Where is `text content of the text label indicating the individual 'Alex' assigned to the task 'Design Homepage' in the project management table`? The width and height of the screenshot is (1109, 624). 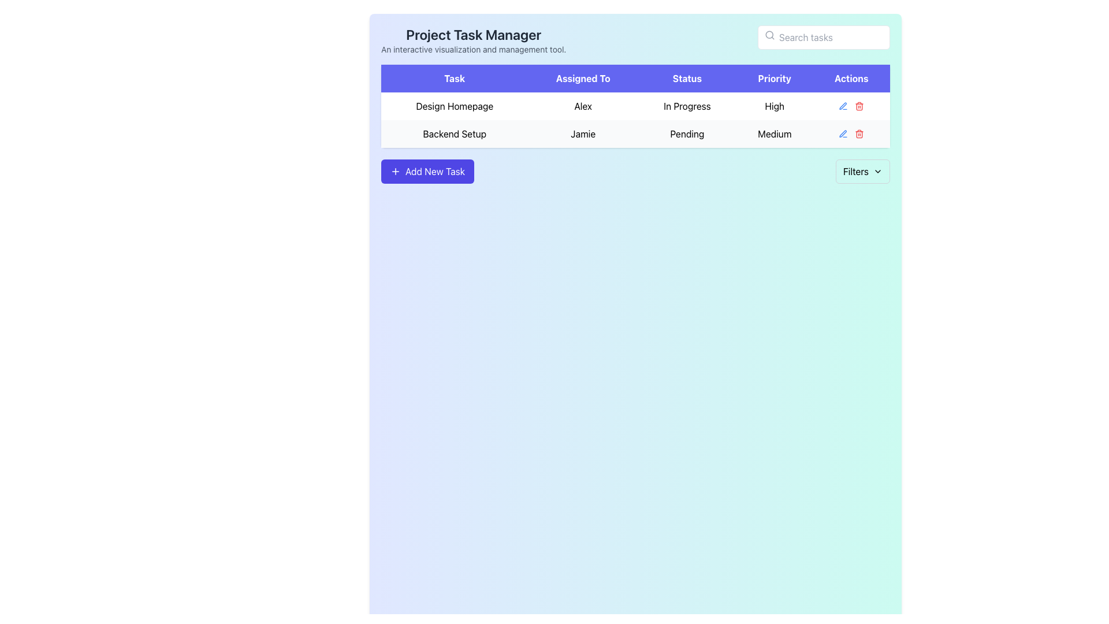 text content of the text label indicating the individual 'Alex' assigned to the task 'Design Homepage' in the project management table is located at coordinates (583, 106).